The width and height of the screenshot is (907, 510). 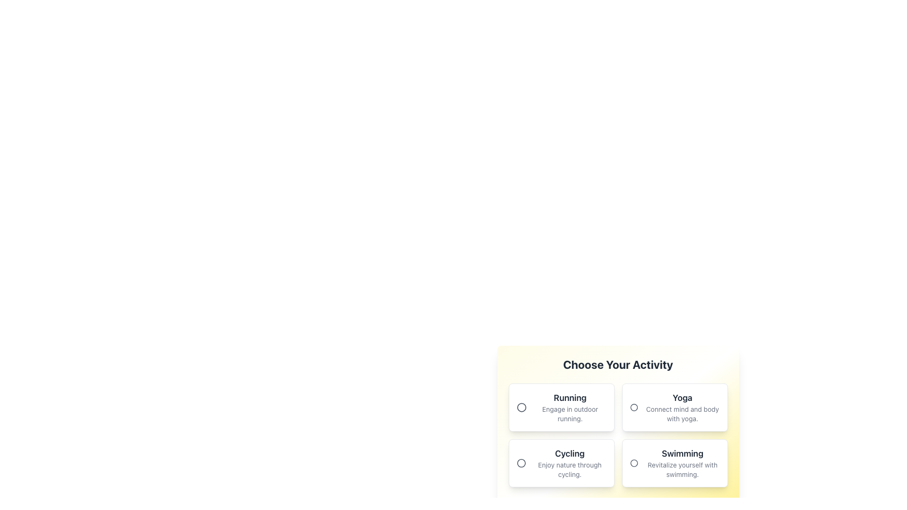 I want to click on the text label displaying 'Yoga' in bold, larger size, dark gray color, located at the top of the second card in a grid of selectable activity cards, so click(x=682, y=398).